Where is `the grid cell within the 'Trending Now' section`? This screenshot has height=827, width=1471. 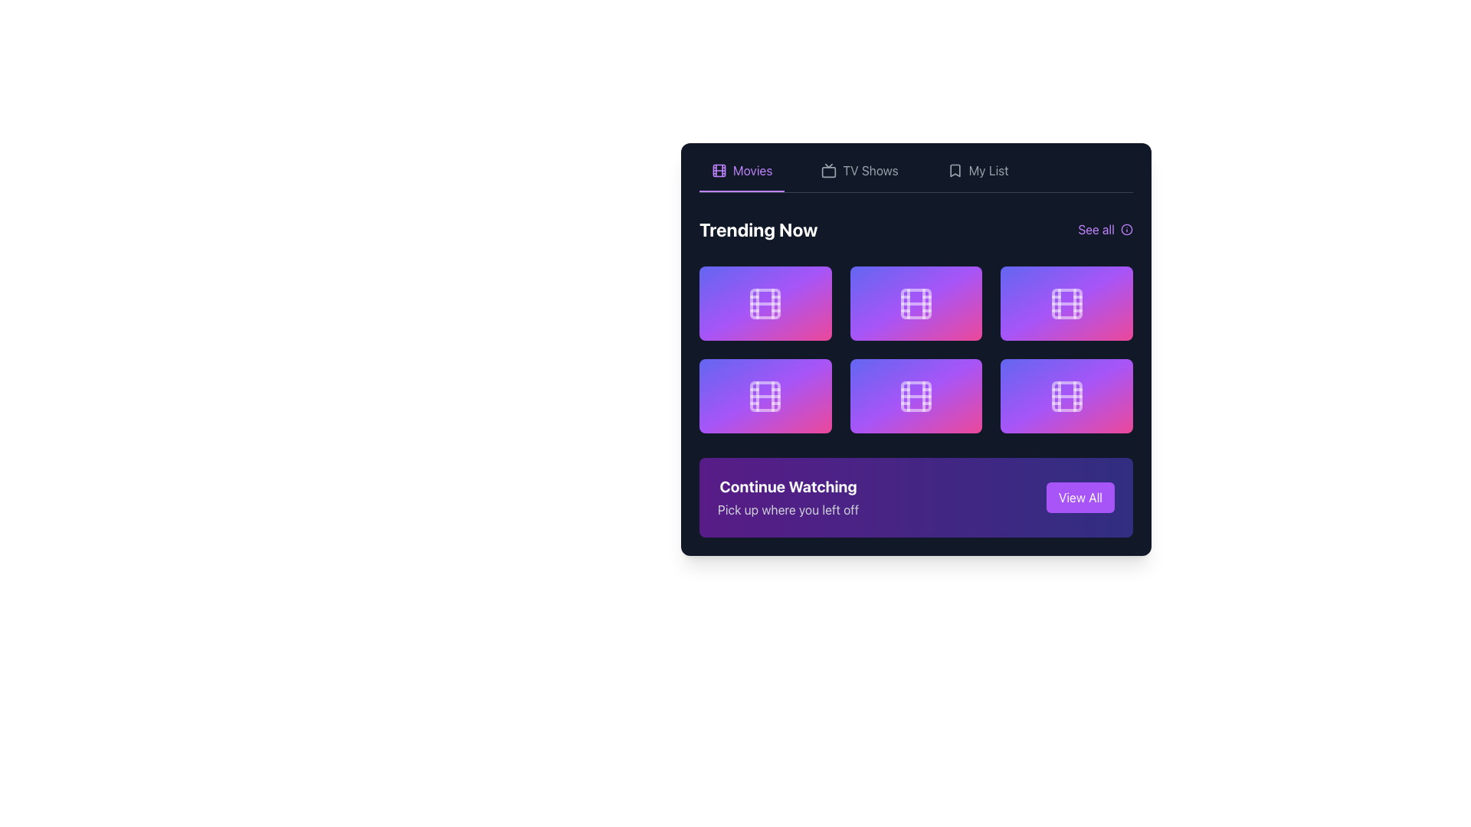 the grid cell within the 'Trending Now' section is located at coordinates (916, 349).